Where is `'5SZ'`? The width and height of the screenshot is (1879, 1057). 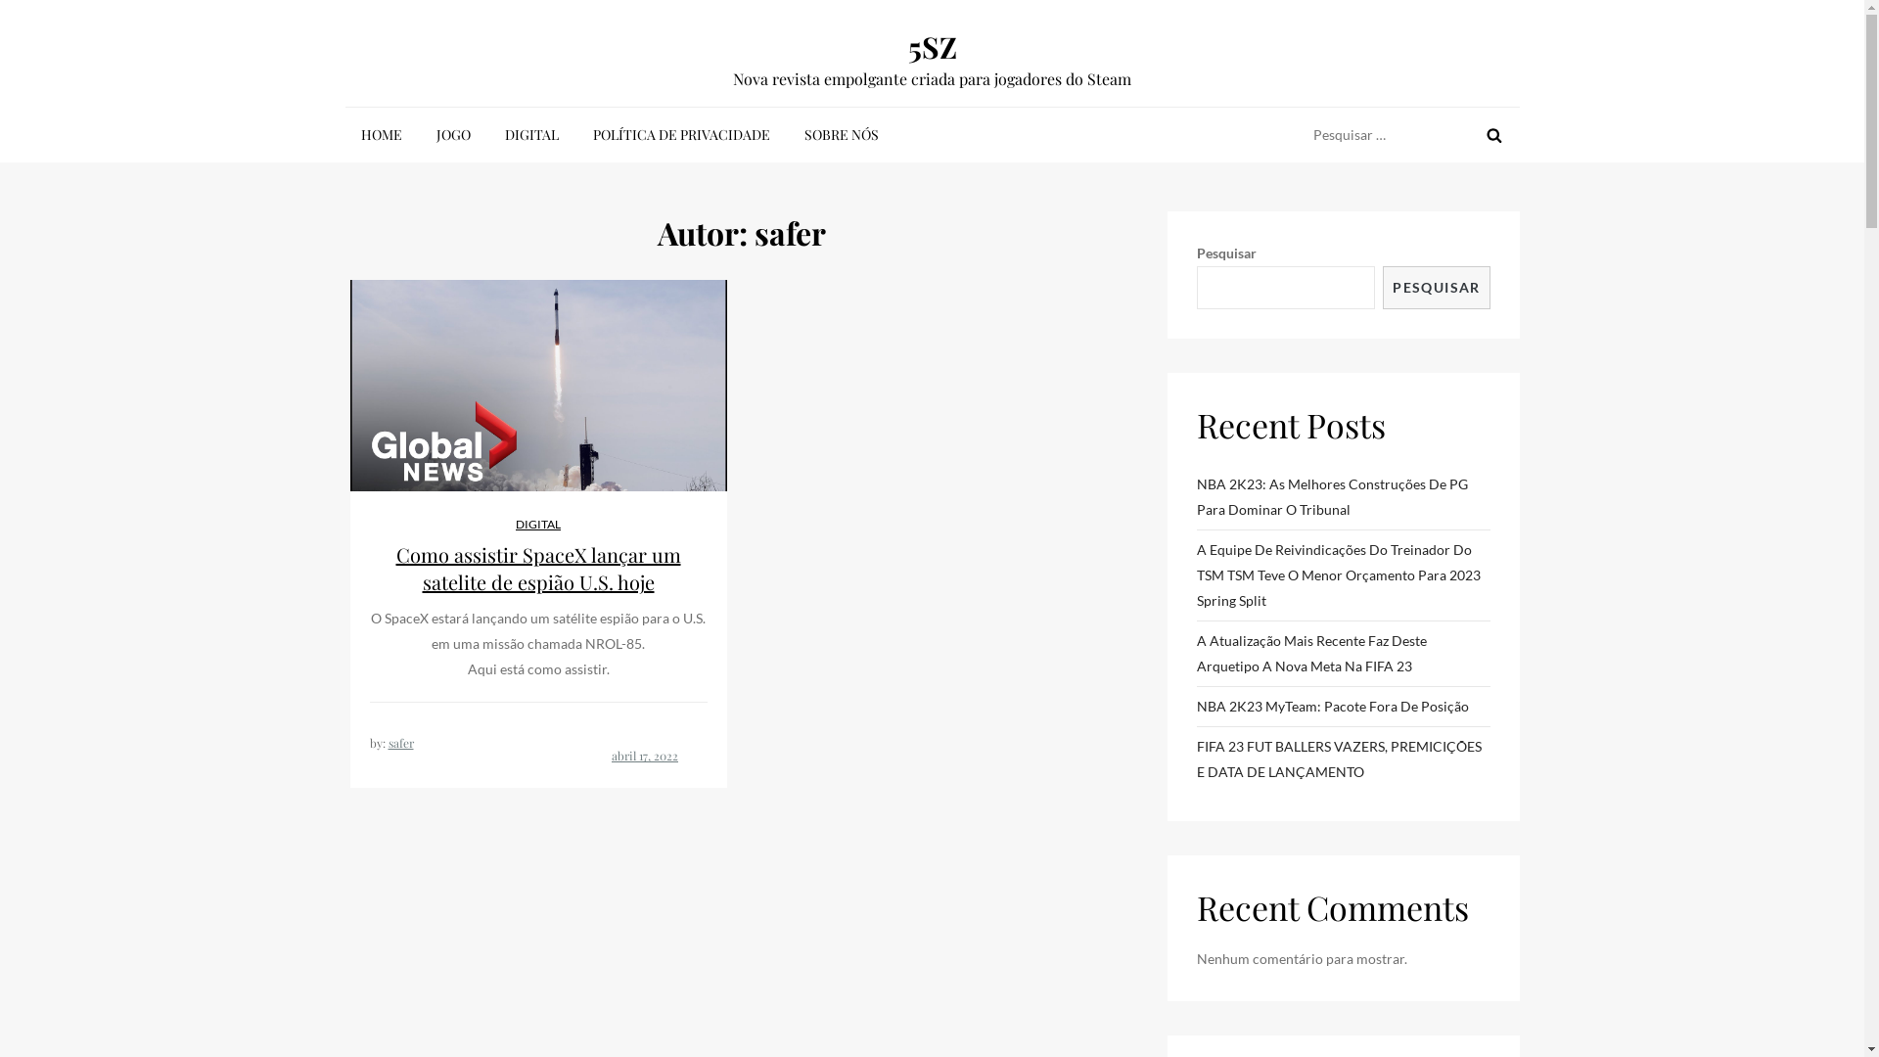 '5SZ' is located at coordinates (932, 45).